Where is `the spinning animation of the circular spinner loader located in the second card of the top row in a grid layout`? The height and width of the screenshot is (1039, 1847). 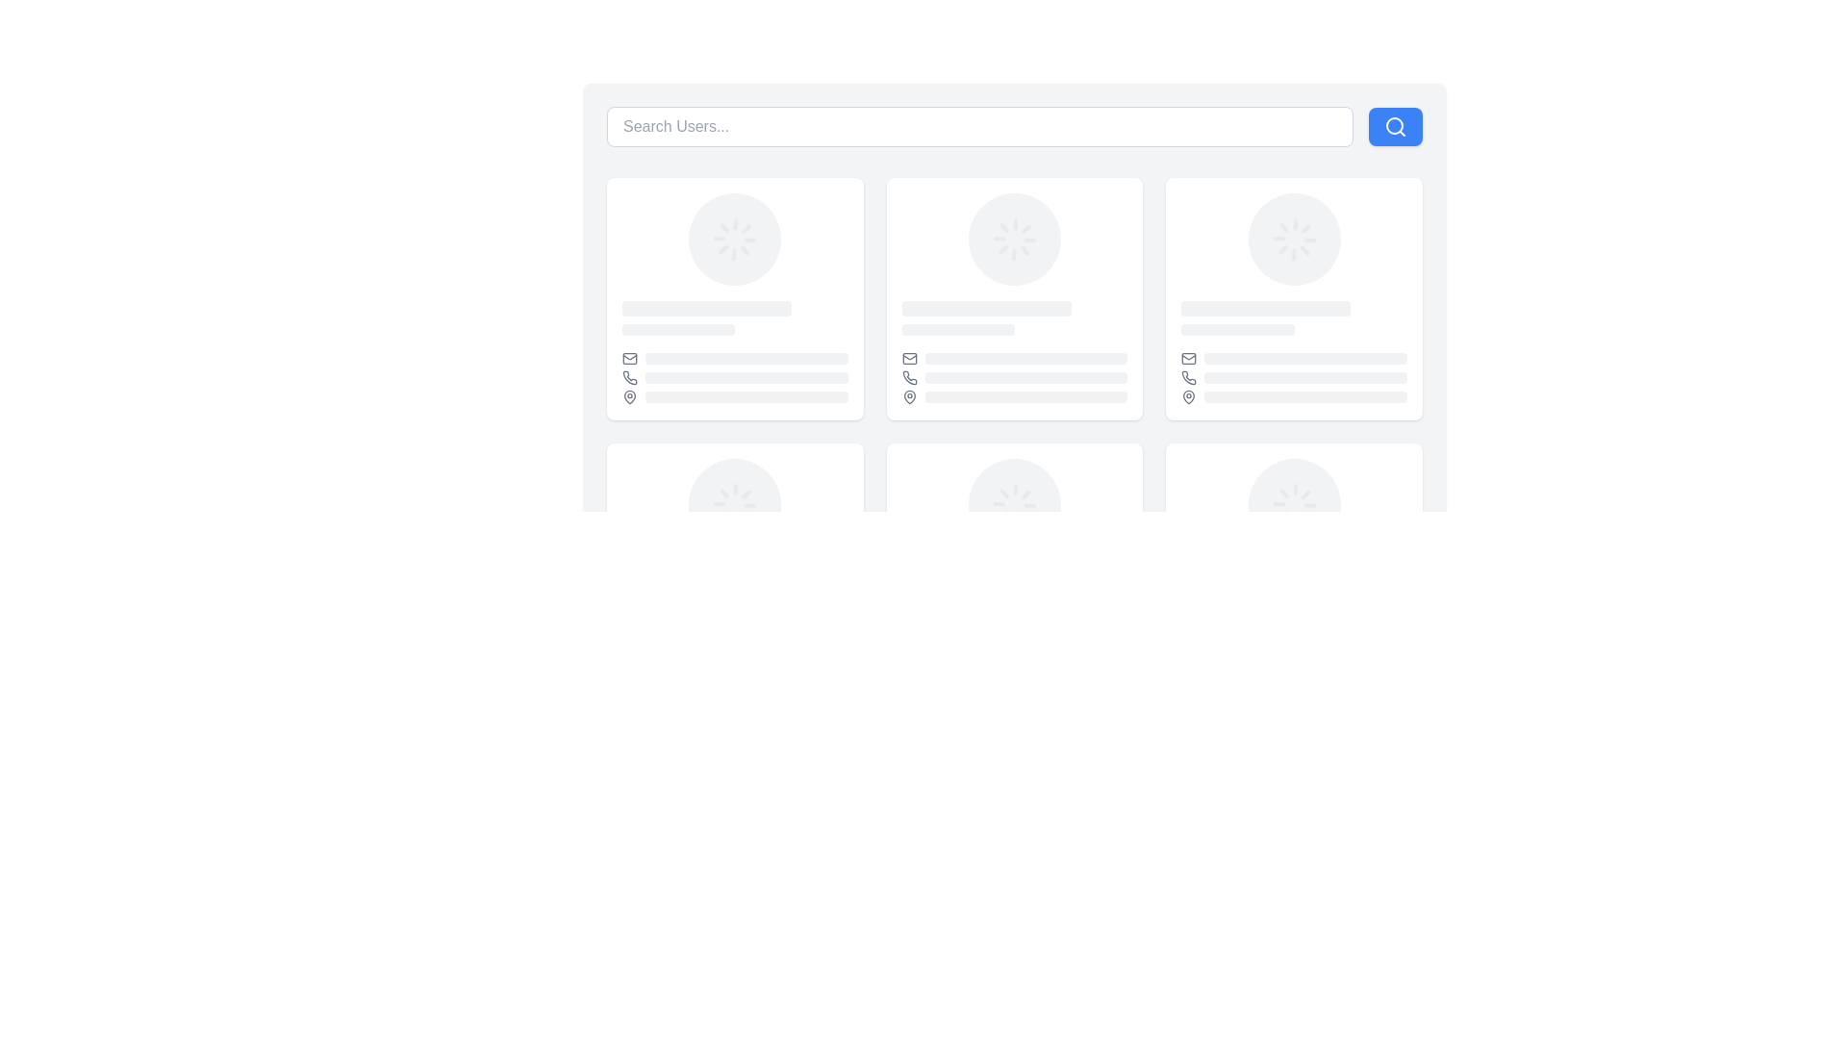
the spinning animation of the circular spinner loader located in the second card of the top row in a grid layout is located at coordinates (1294, 239).